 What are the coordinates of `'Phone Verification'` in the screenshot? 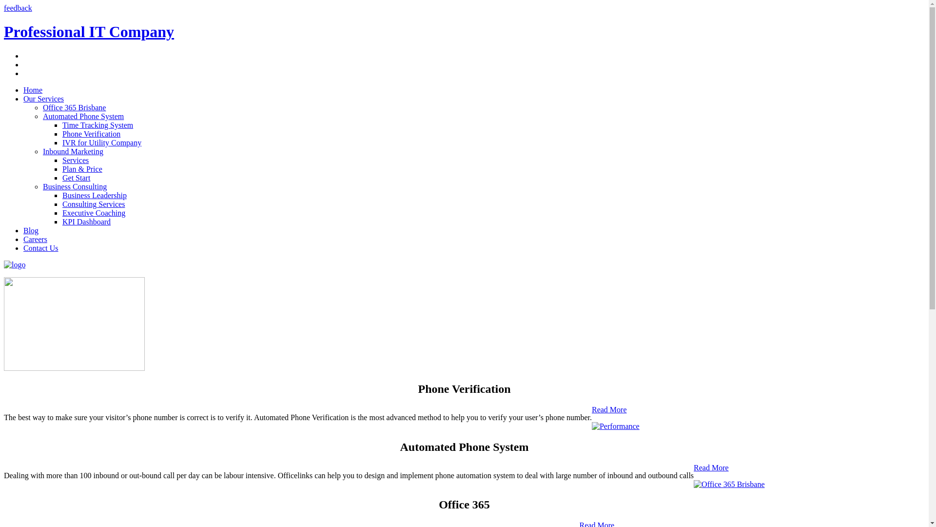 It's located at (91, 134).